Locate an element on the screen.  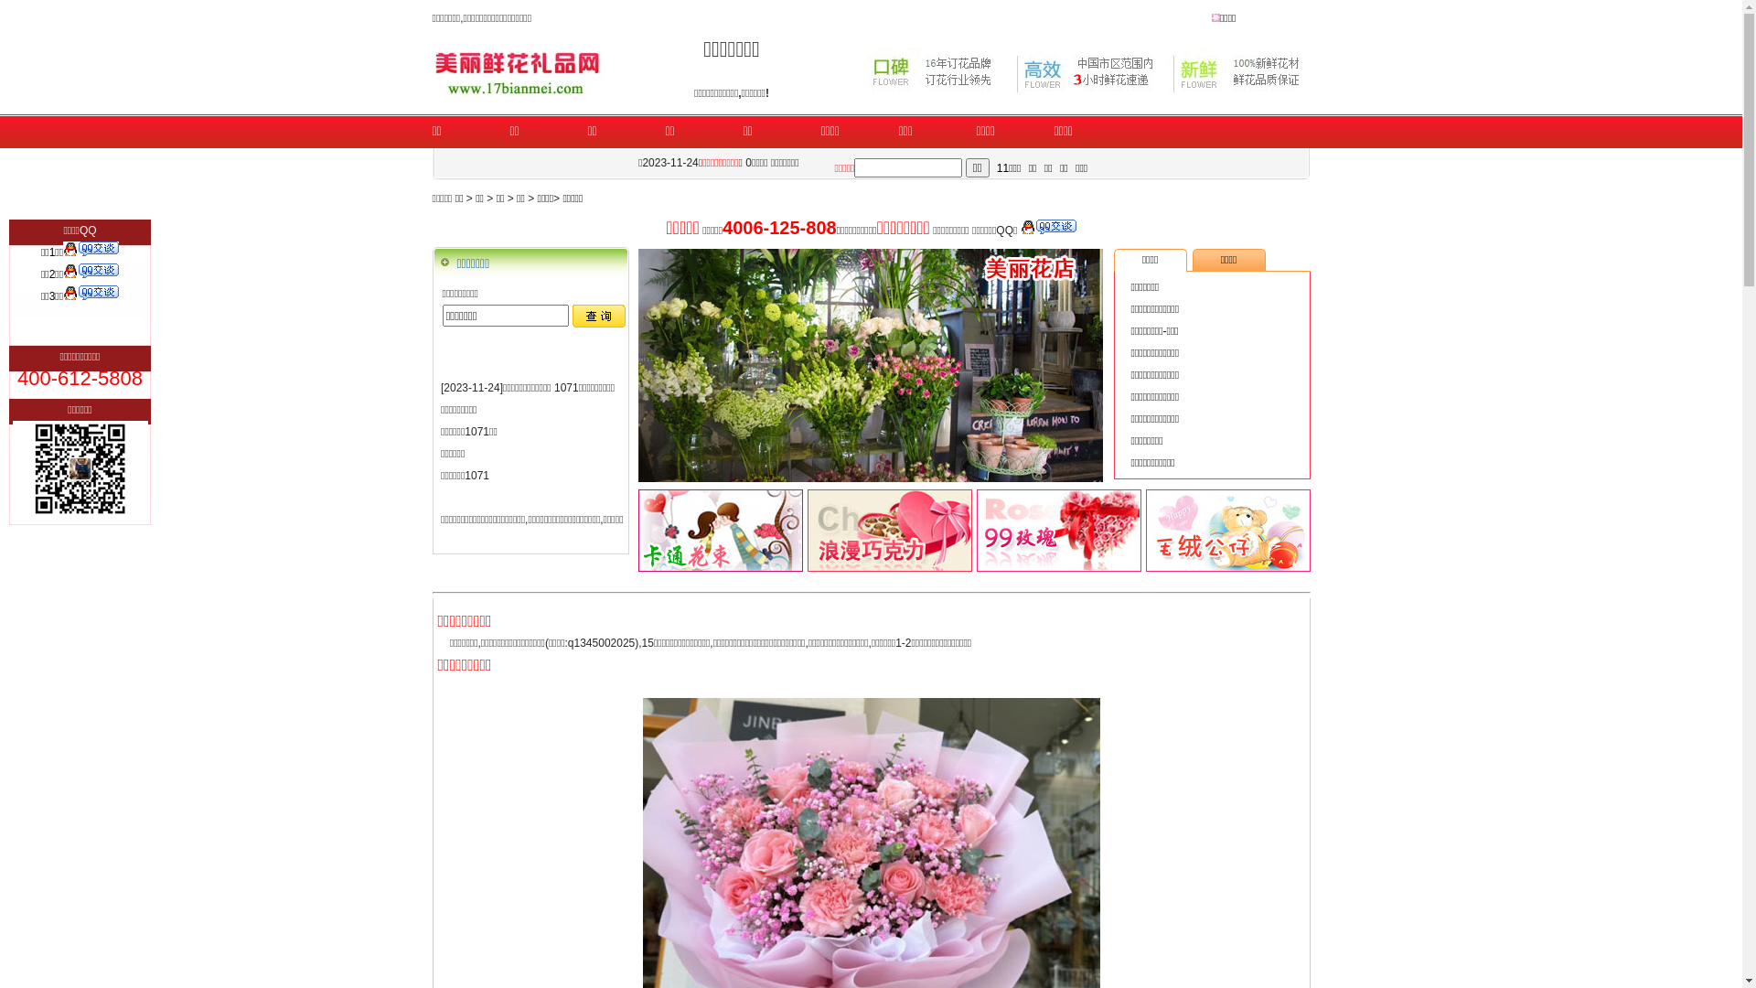
'QQ:1623062047' is located at coordinates (62, 295).